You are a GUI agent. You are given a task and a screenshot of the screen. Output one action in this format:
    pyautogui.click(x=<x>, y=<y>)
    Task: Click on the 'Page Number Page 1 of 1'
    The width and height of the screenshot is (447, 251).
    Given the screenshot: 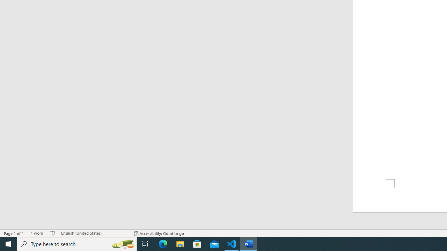 What is the action you would take?
    pyautogui.click(x=14, y=233)
    